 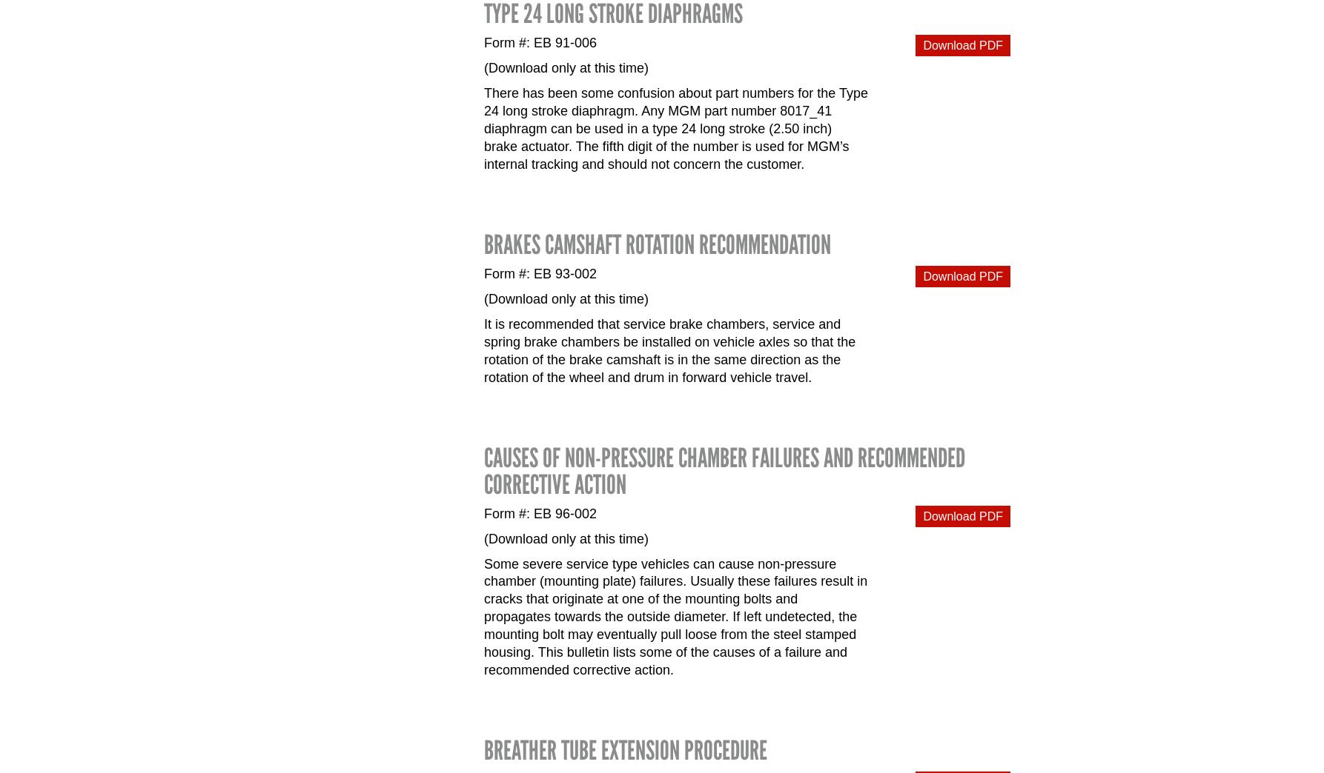 What do you see at coordinates (540, 512) in the screenshot?
I see `'Form #: EB 96-002'` at bounding box center [540, 512].